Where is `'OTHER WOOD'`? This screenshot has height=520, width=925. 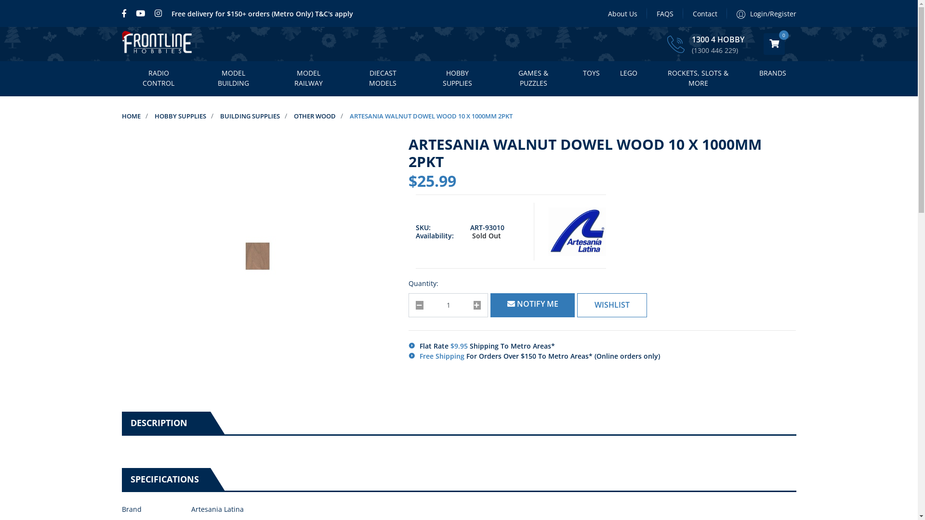
'OTHER WOOD' is located at coordinates (315, 115).